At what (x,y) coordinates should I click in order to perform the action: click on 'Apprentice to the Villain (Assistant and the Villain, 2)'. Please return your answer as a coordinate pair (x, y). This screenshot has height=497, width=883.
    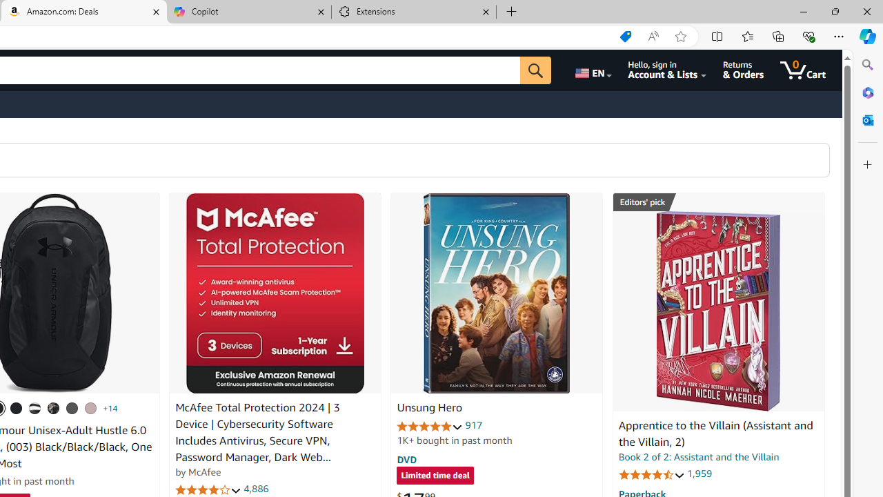
    Looking at the image, I should click on (717, 311).